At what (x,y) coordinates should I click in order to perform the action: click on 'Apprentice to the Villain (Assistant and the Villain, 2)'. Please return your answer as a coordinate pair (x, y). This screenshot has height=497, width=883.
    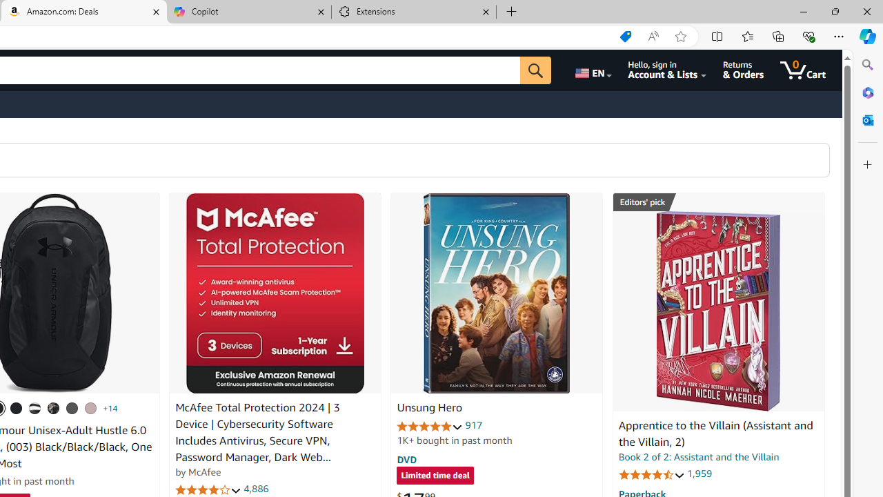
    Looking at the image, I should click on (717, 311).